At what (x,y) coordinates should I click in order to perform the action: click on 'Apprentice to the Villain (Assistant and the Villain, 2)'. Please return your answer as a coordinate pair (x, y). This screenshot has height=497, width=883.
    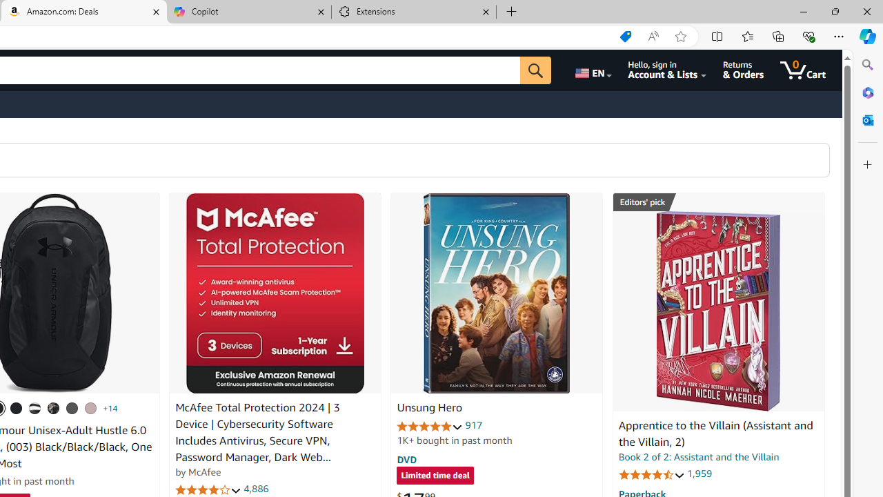
    Looking at the image, I should click on (717, 311).